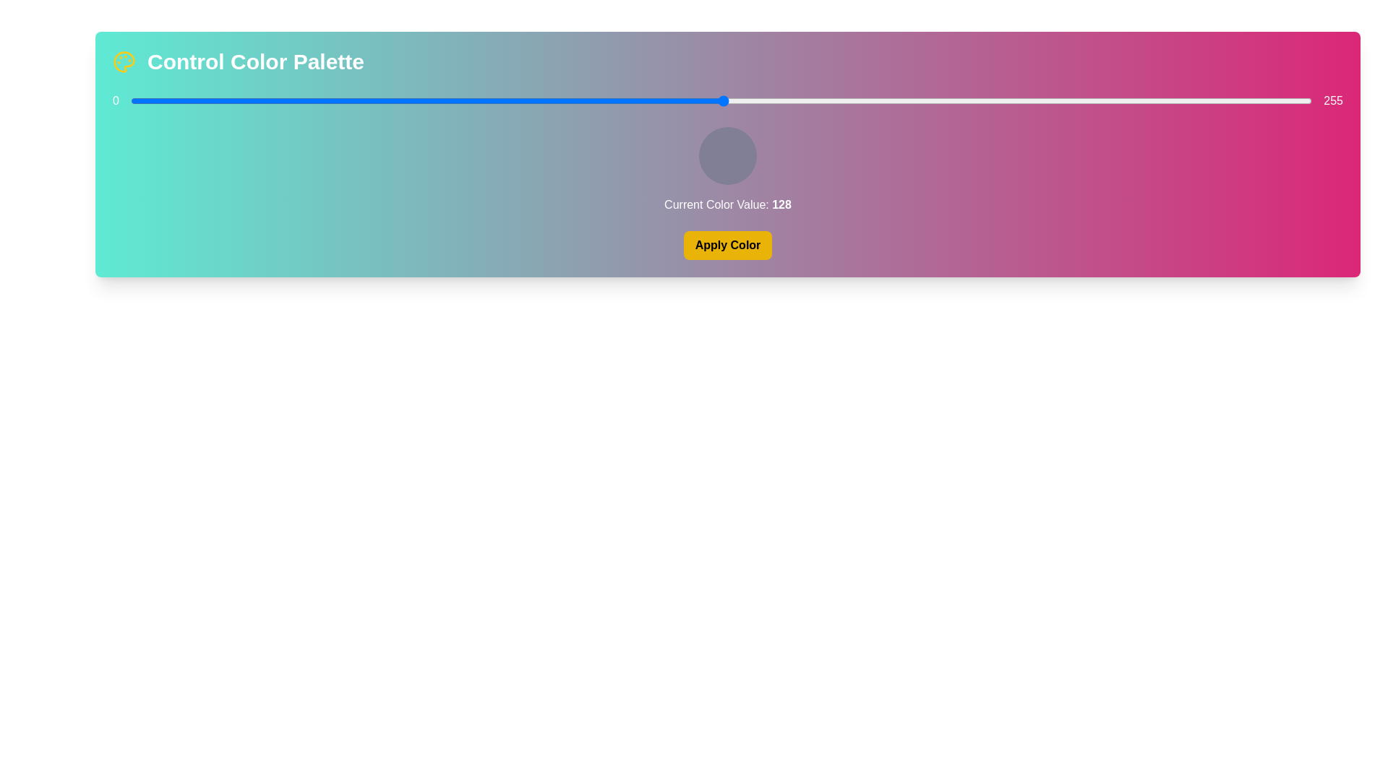  Describe the element at coordinates (769, 100) in the screenshot. I see `the color slider to set the color value to 138` at that location.